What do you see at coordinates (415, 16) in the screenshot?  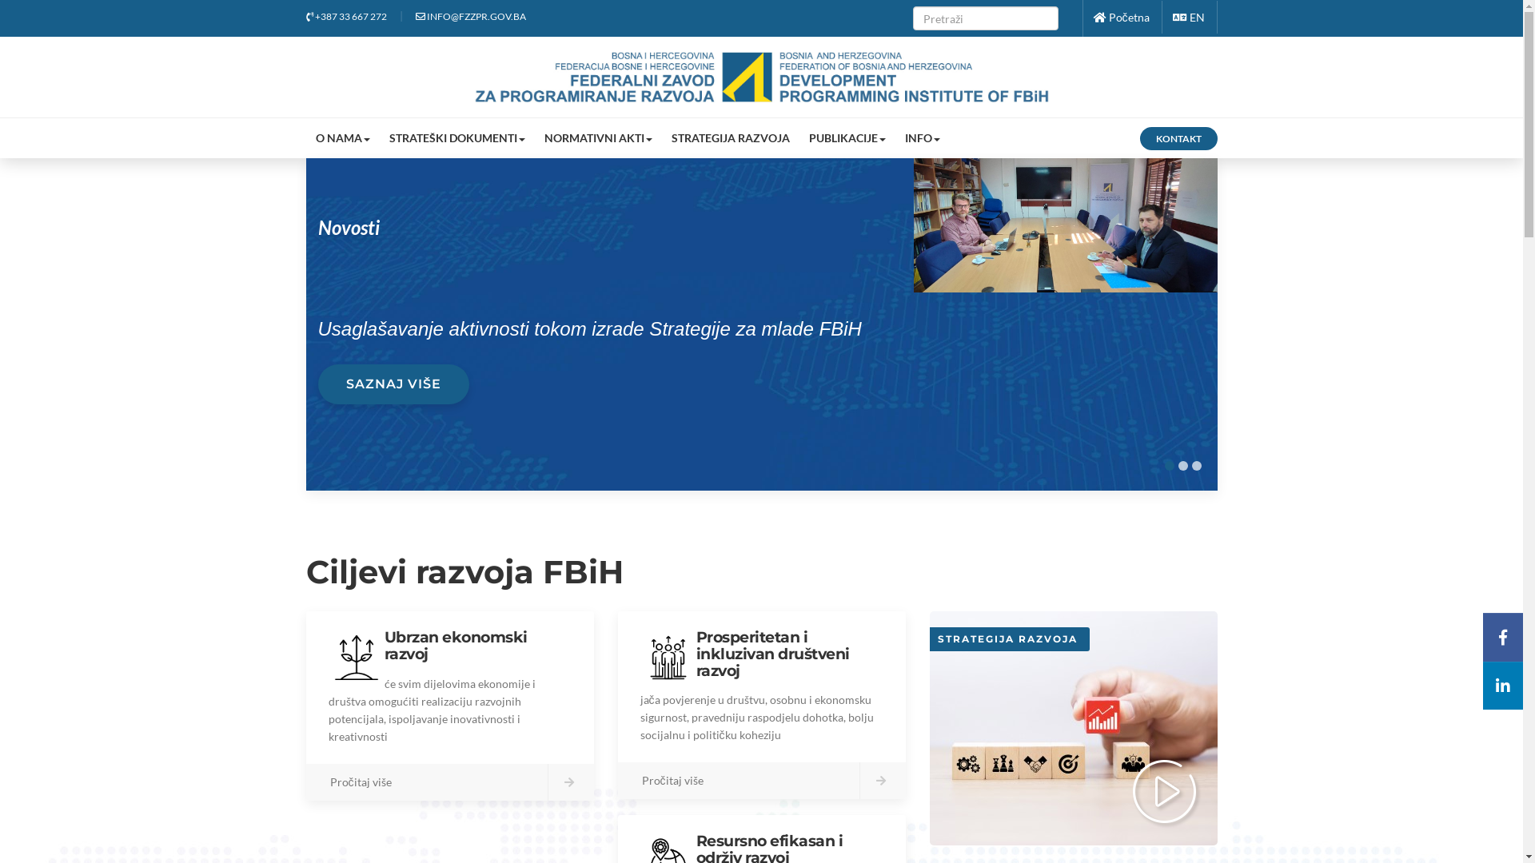 I see `'INFO@FZZPR.GOV.BA'` at bounding box center [415, 16].